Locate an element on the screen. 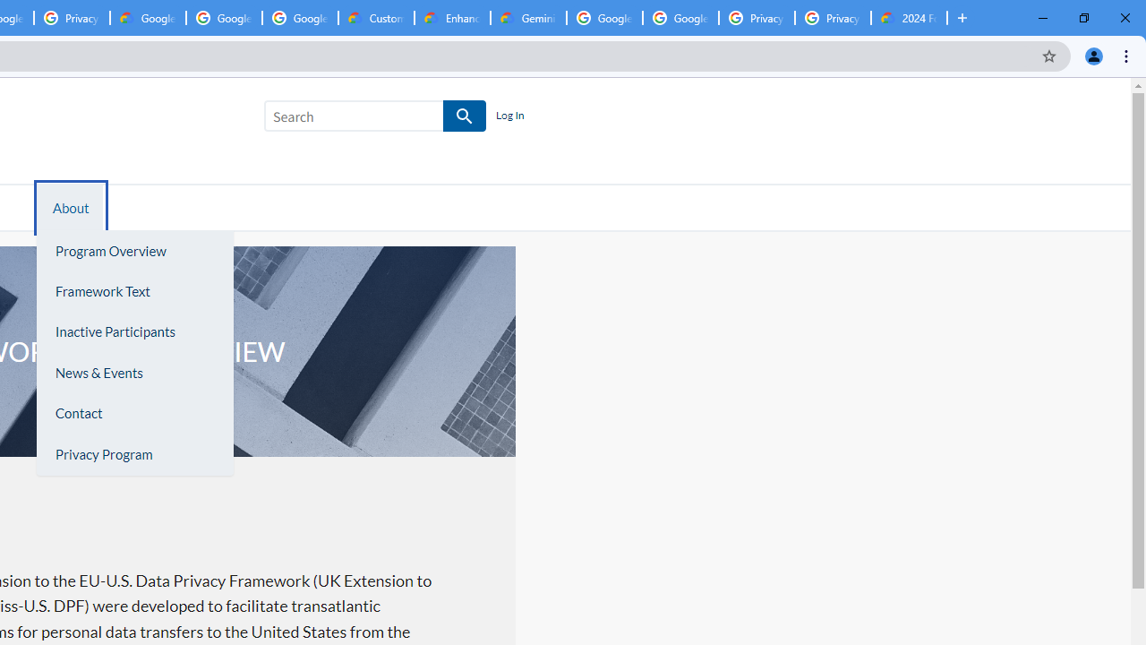 This screenshot has width=1146, height=645. 'Google Workspace - Specific Terms' is located at coordinates (300, 18).